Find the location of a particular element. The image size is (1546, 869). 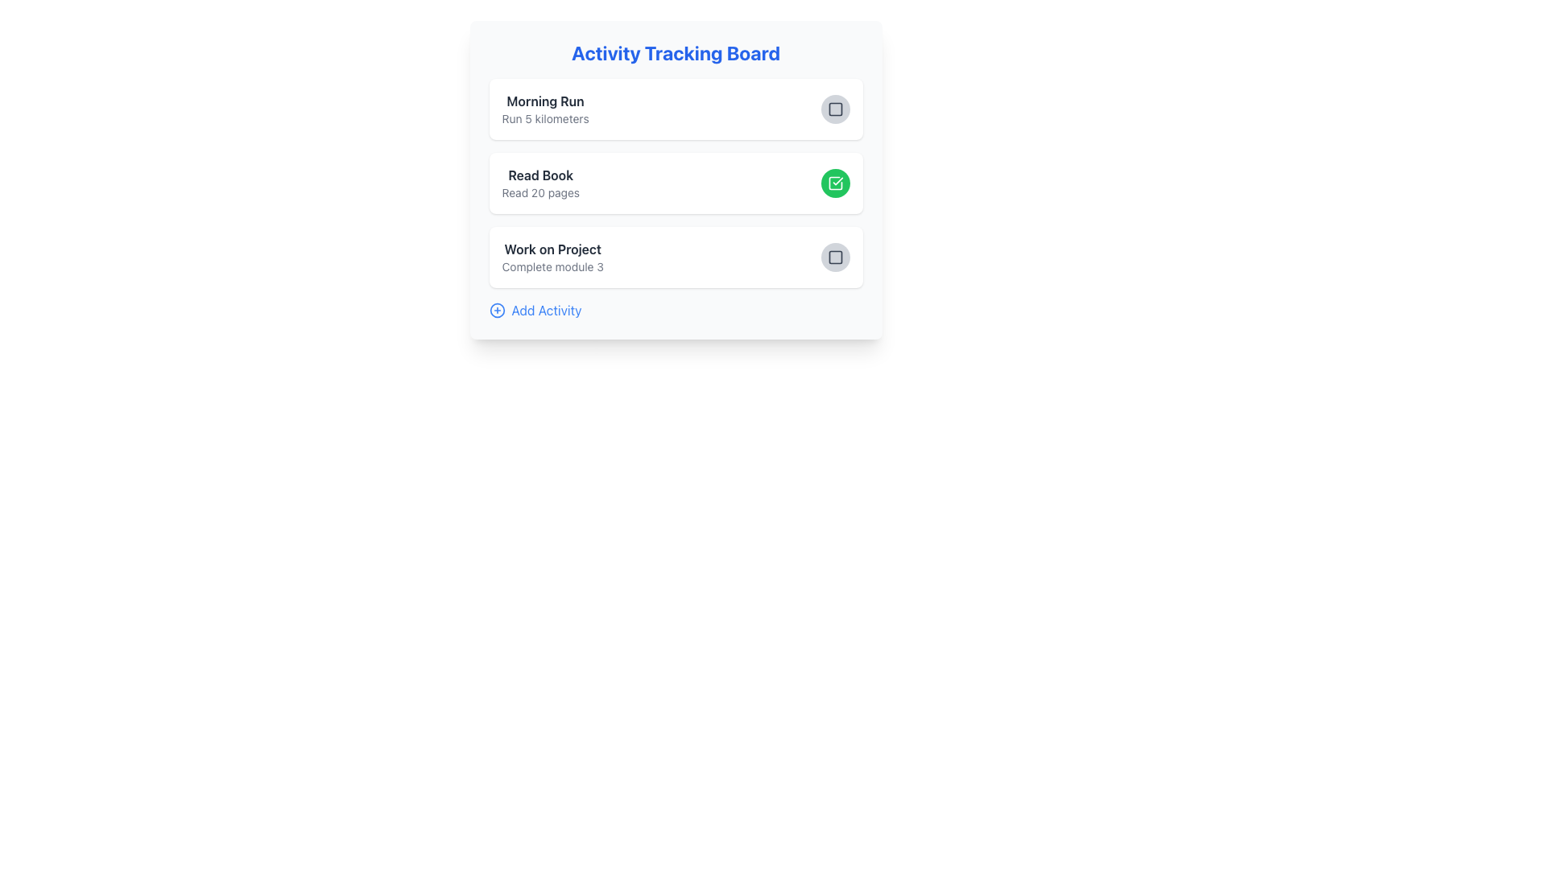

the circular button at the far-right end of the 'Work on Project' entry in the 'Activity Tracking Board' is located at coordinates (835, 257).